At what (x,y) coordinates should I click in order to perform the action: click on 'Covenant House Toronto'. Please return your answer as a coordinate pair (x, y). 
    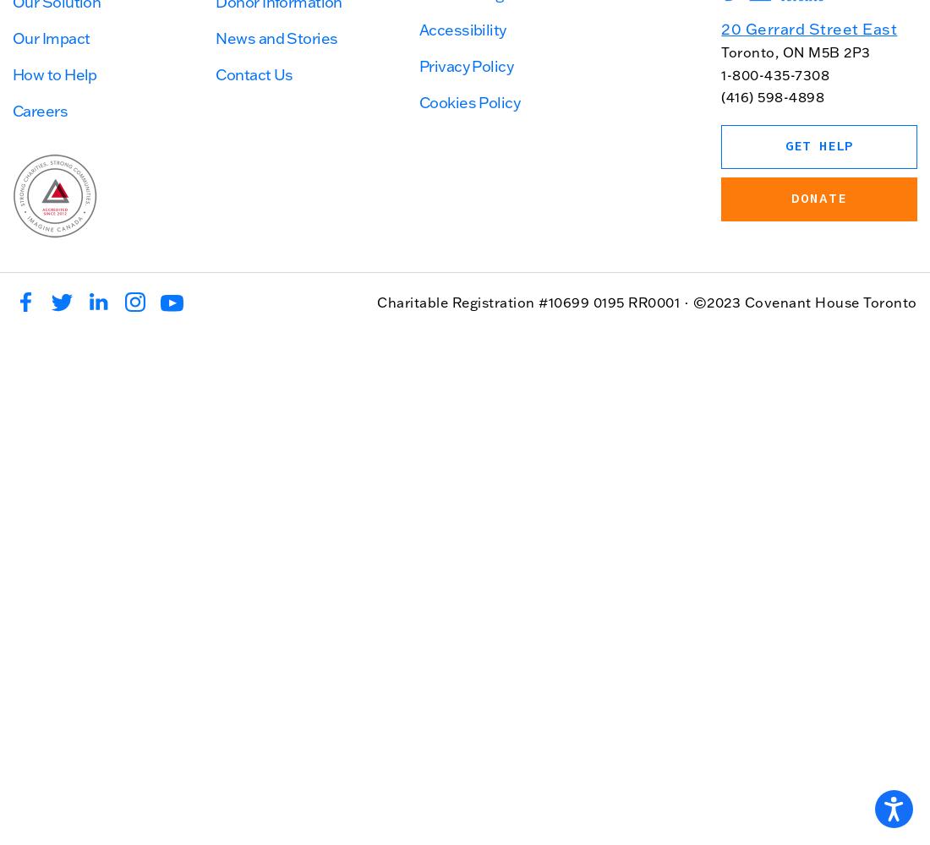
    Looking at the image, I should click on (829, 300).